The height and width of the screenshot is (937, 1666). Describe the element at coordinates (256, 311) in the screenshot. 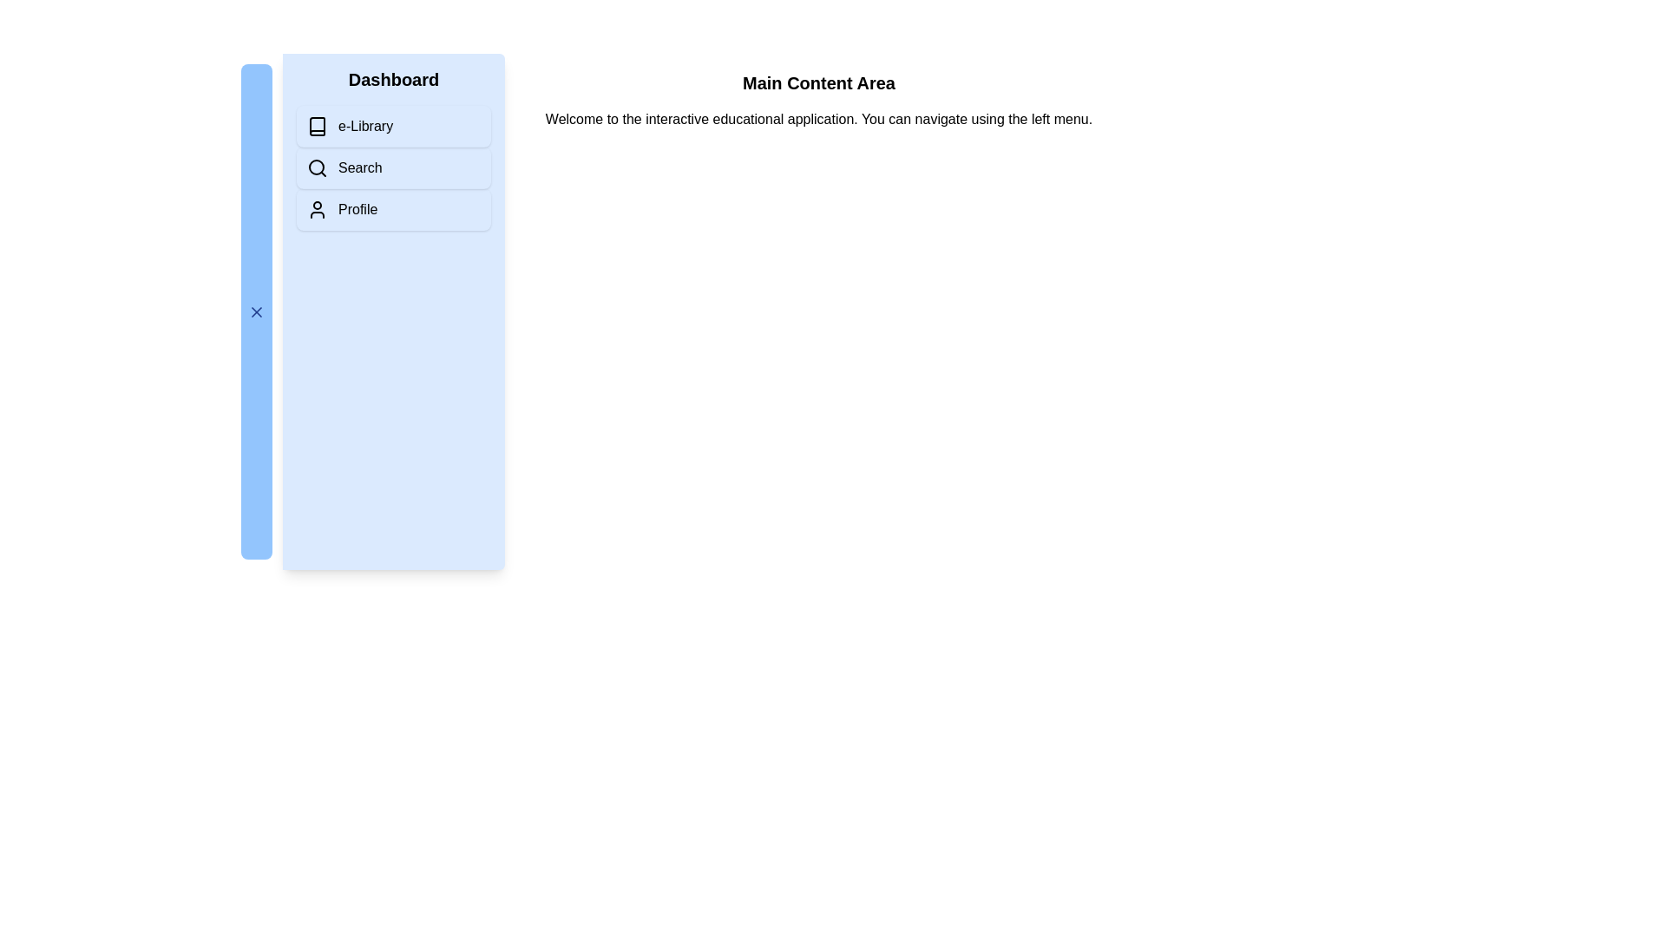

I see `the dismiss or close icon located in the left sidebar of the interface, which is centered vertically within the narrow vertical bar next to the main dashboard panel` at that location.